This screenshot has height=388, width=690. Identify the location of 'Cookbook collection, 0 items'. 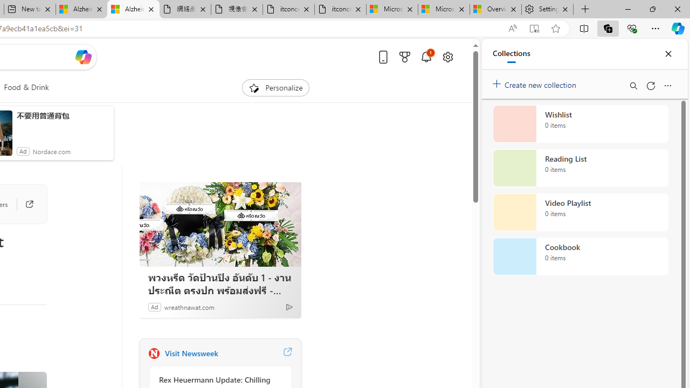
(580, 256).